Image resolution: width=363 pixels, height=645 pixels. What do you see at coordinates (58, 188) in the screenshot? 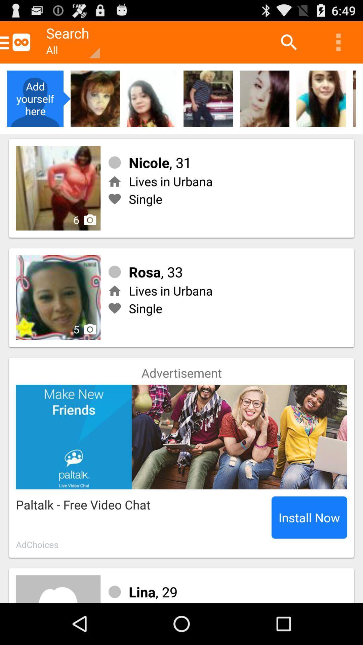
I see `the image left to nicole 31` at bounding box center [58, 188].